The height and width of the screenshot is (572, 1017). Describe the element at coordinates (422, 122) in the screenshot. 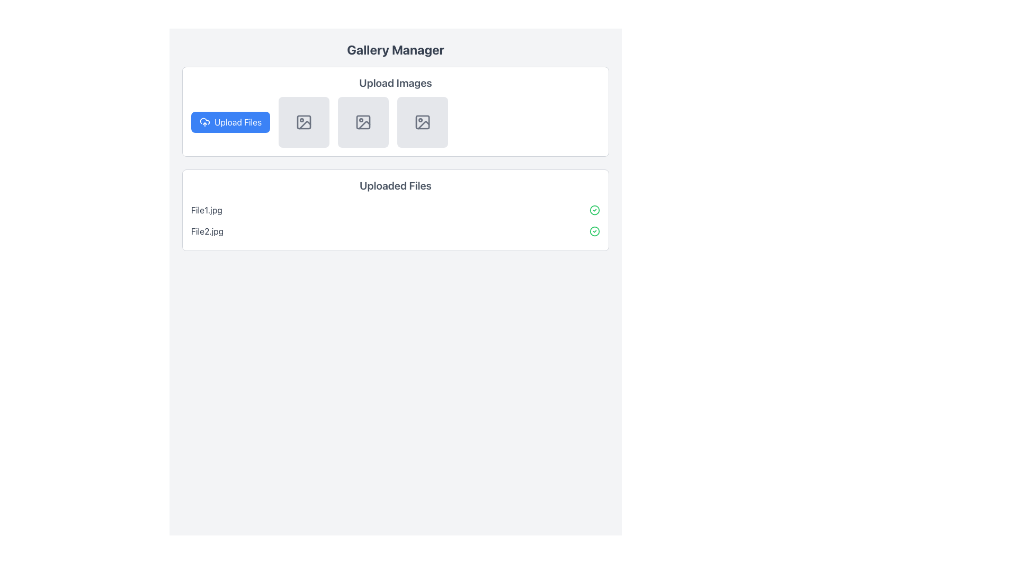

I see `the third Icon Button in the 'Upload Images' section` at that location.